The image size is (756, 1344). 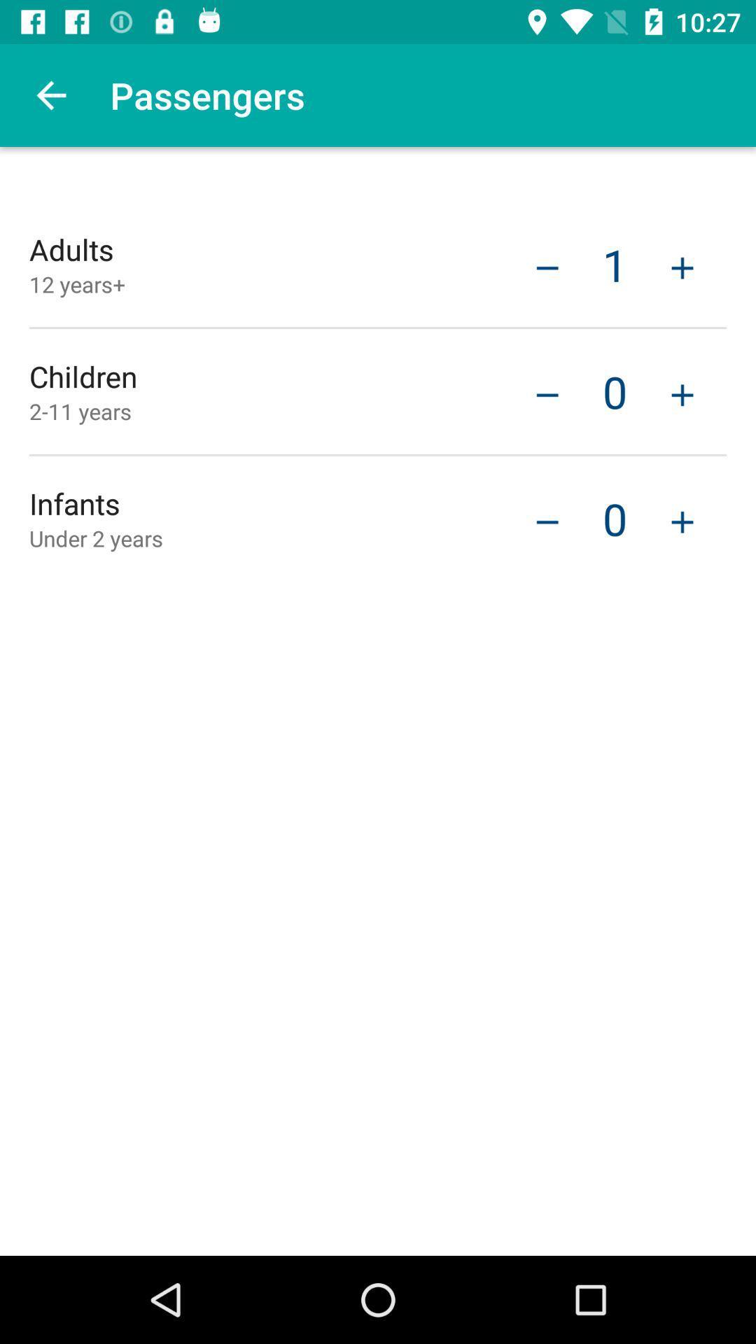 I want to click on increase, so click(x=682, y=393).